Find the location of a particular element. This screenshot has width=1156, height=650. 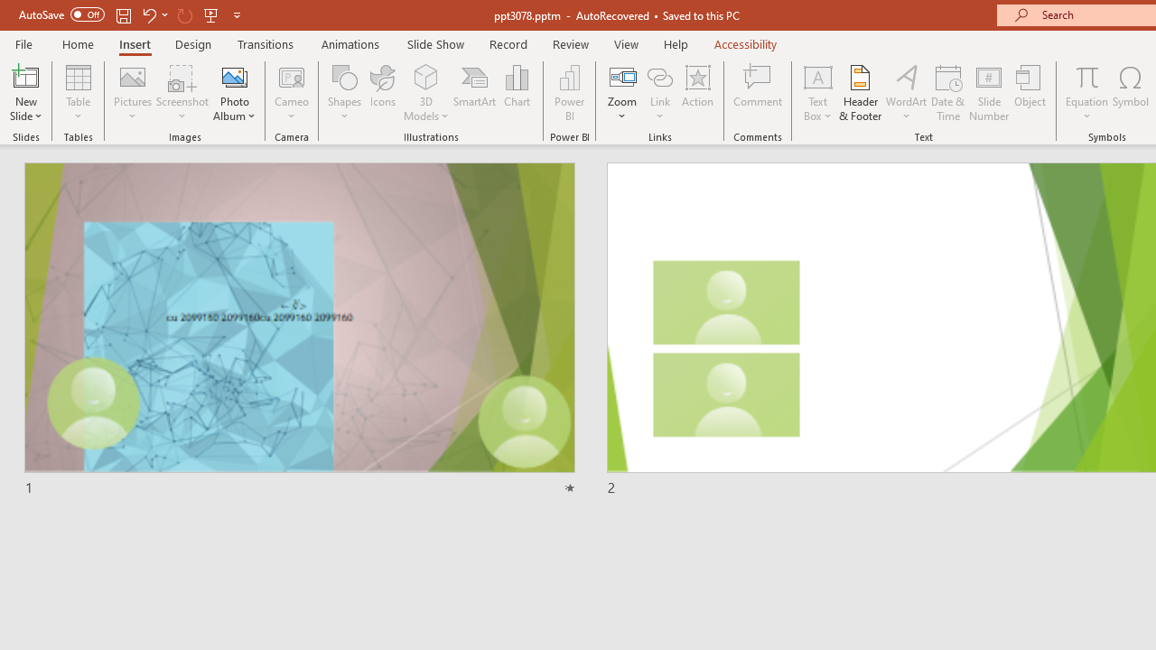

'Pictures' is located at coordinates (132, 93).